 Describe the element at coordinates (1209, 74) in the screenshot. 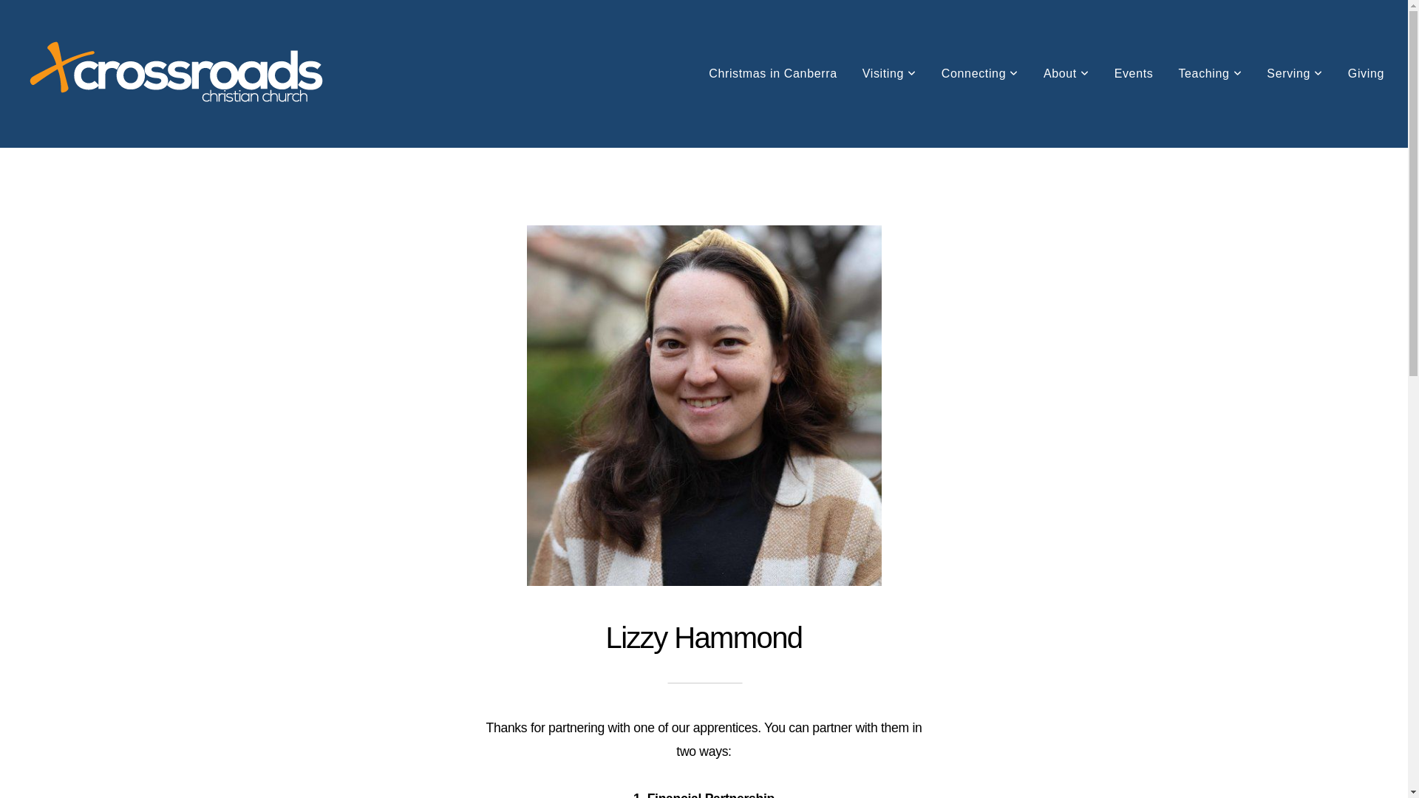

I see `'Teaching '` at that location.